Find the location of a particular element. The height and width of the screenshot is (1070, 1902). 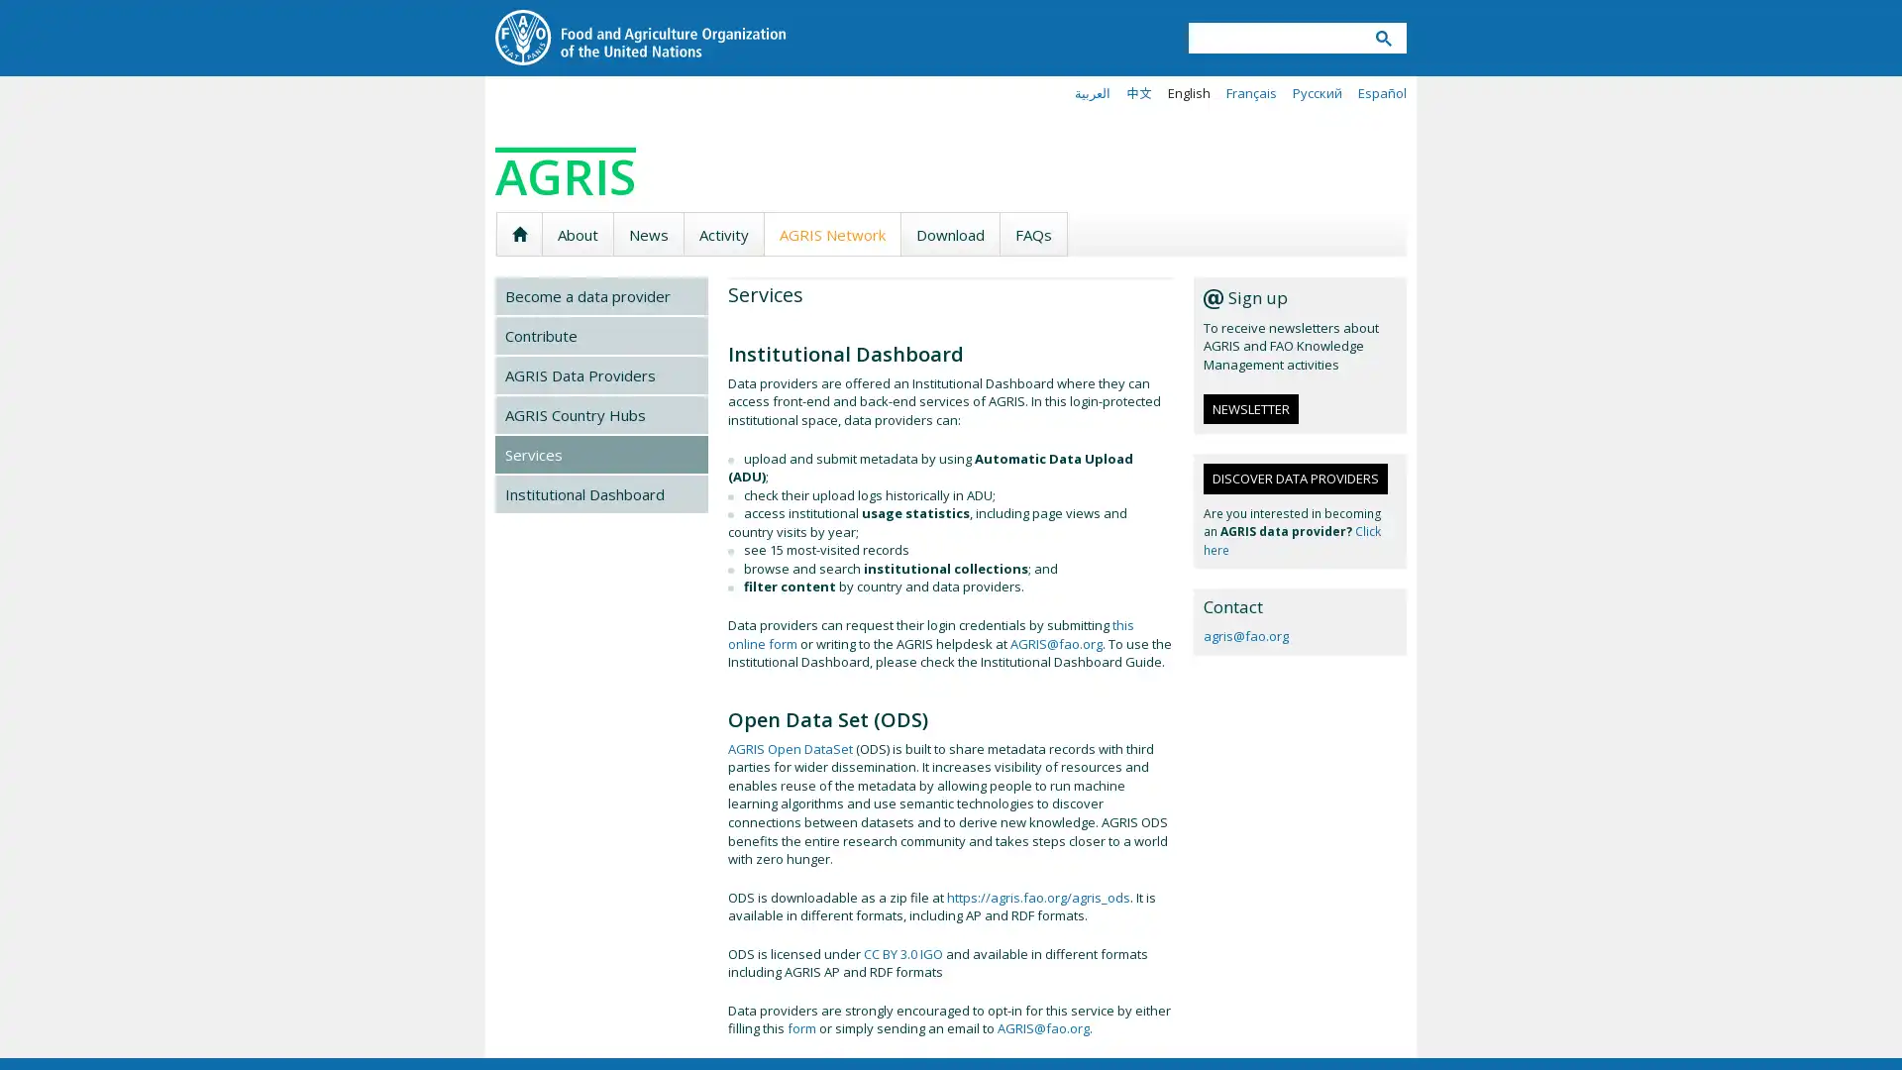

search is located at coordinates (1382, 38).